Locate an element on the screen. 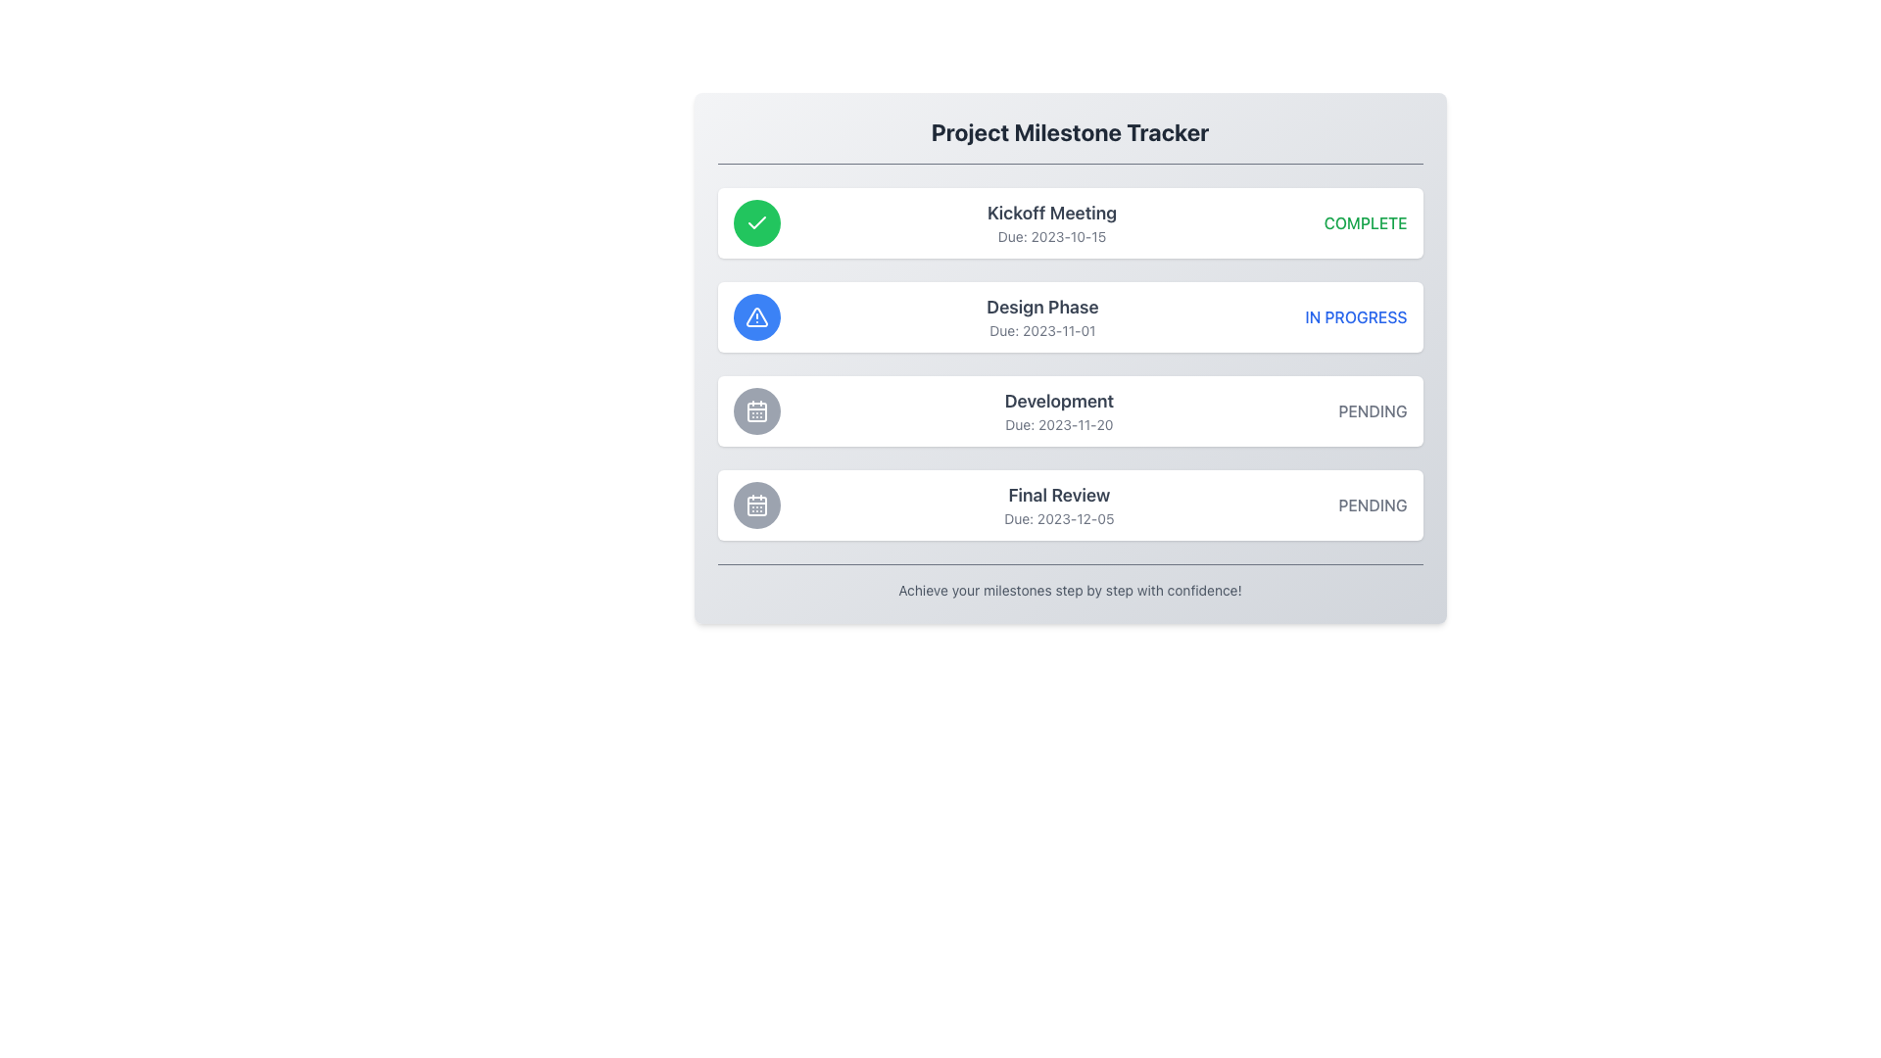  the circular icon with a gray background and a white calendar symbol located on the third row of the 'Project Milestone Tracker' list under 'Development.' is located at coordinates (755, 410).